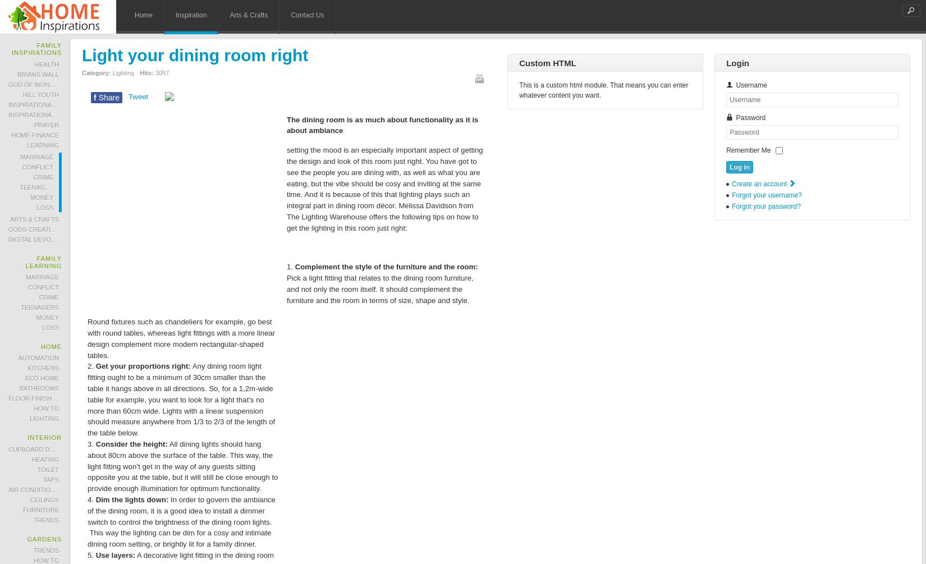 The width and height of the screenshot is (926, 564). I want to click on 'Brians Wall', so click(38, 74).